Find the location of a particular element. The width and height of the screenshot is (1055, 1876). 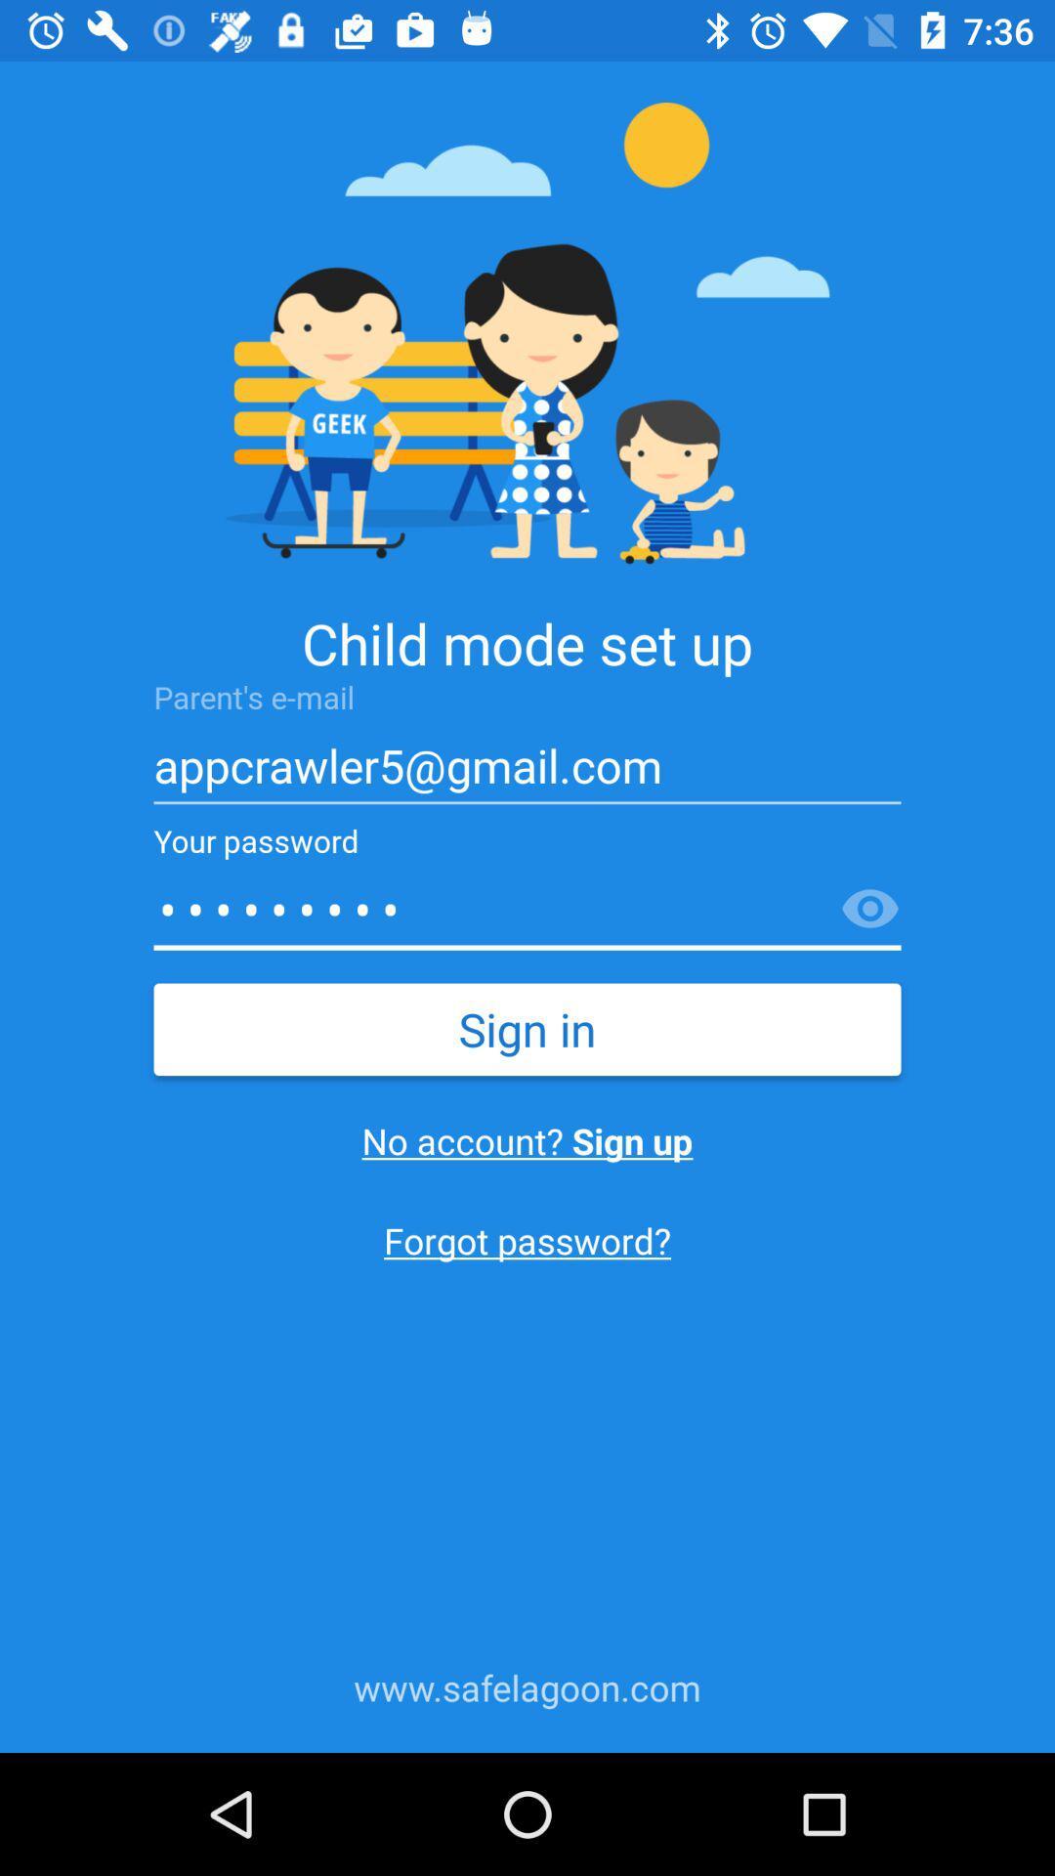

the visibility icon is located at coordinates (869, 909).